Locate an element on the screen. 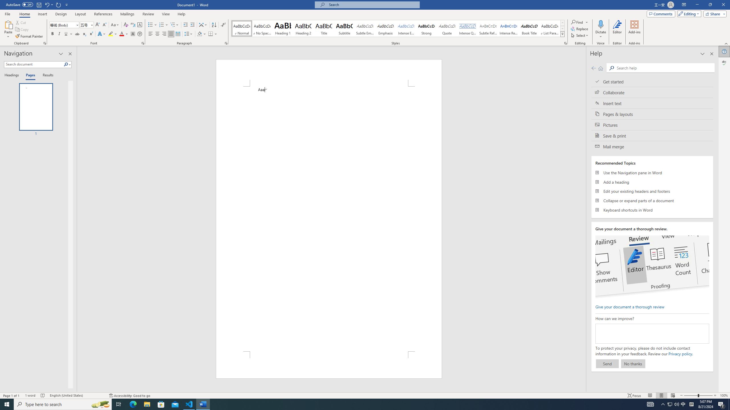 This screenshot has height=410, width=730. 'Justify' is located at coordinates (171, 34).